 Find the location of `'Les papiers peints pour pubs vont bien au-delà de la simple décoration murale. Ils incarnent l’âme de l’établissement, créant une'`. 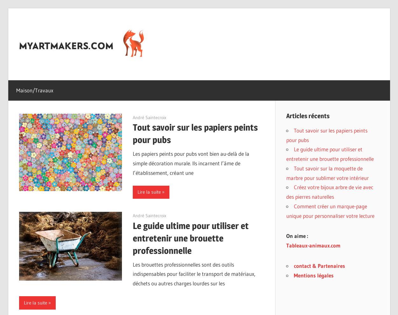

'Les papiers peints pour pubs vont bien au-delà de la simple décoration murale. Ils incarnent l’âme de l’établissement, créant une' is located at coordinates (191, 163).